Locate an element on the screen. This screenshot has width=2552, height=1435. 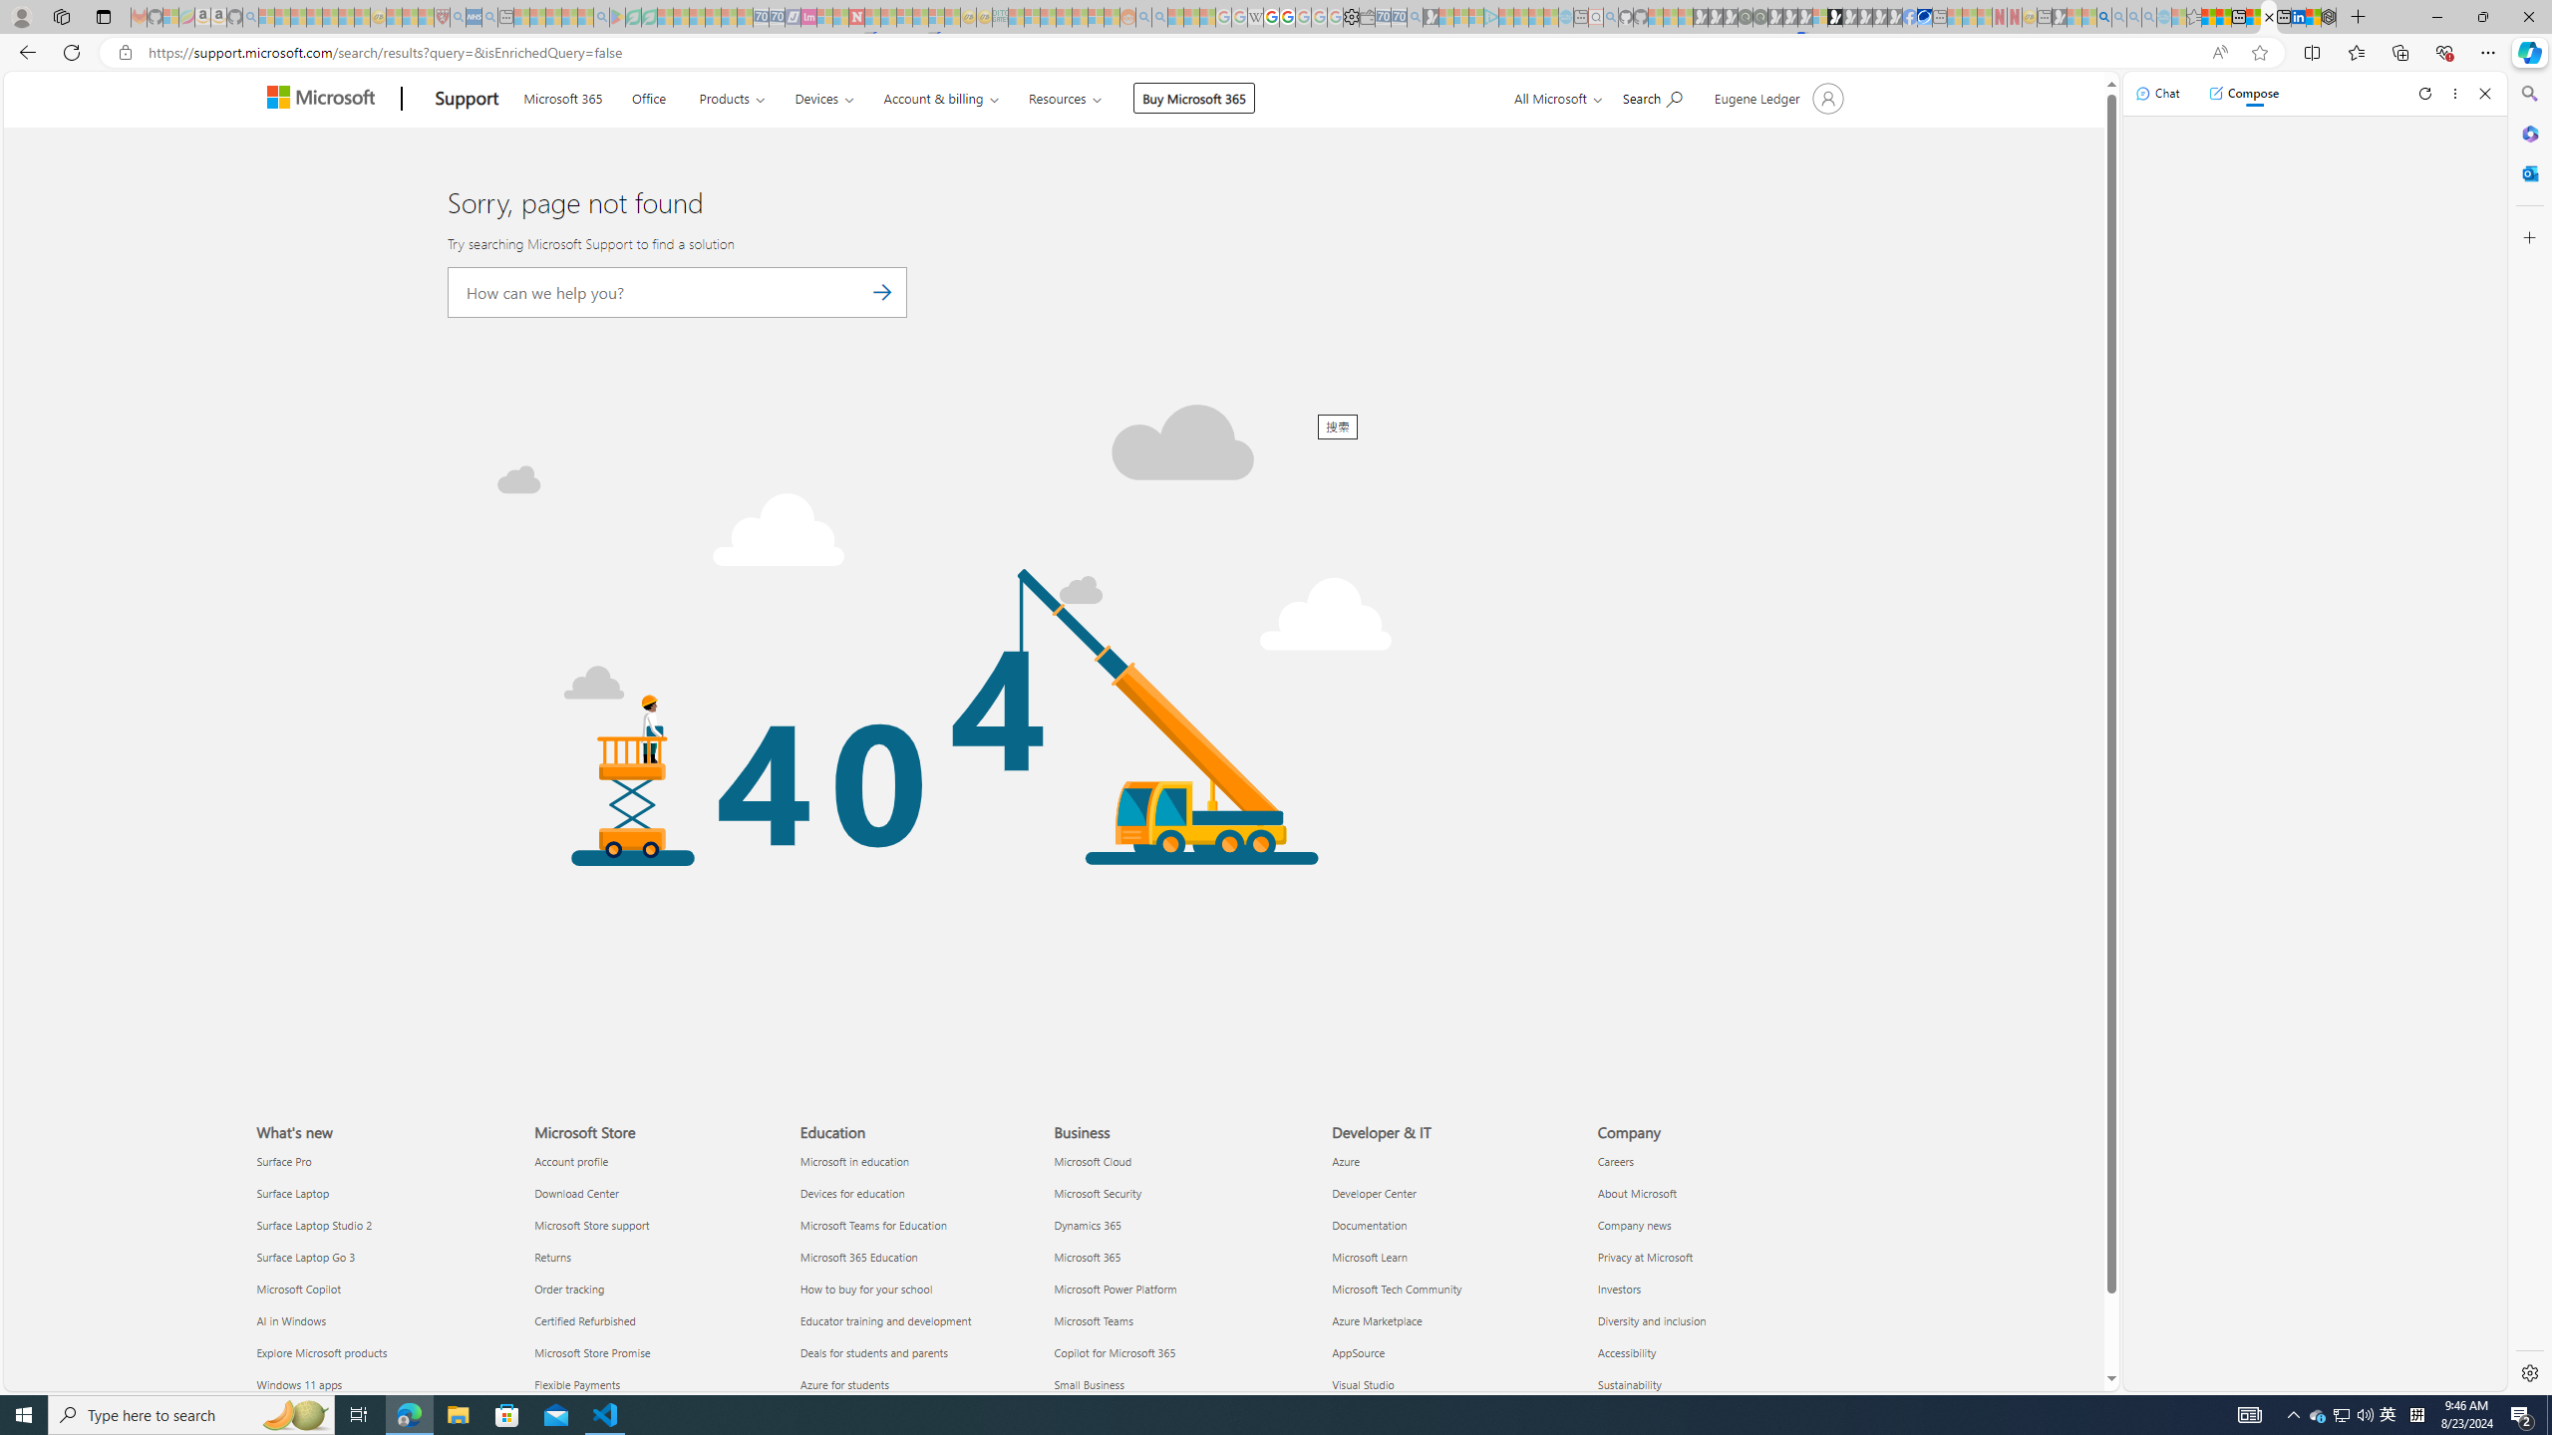
'Company news Company' is located at coordinates (1633, 1225).